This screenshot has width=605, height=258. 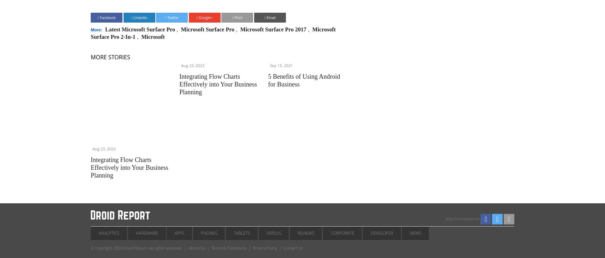 What do you see at coordinates (342, 233) in the screenshot?
I see `'Corporate'` at bounding box center [342, 233].